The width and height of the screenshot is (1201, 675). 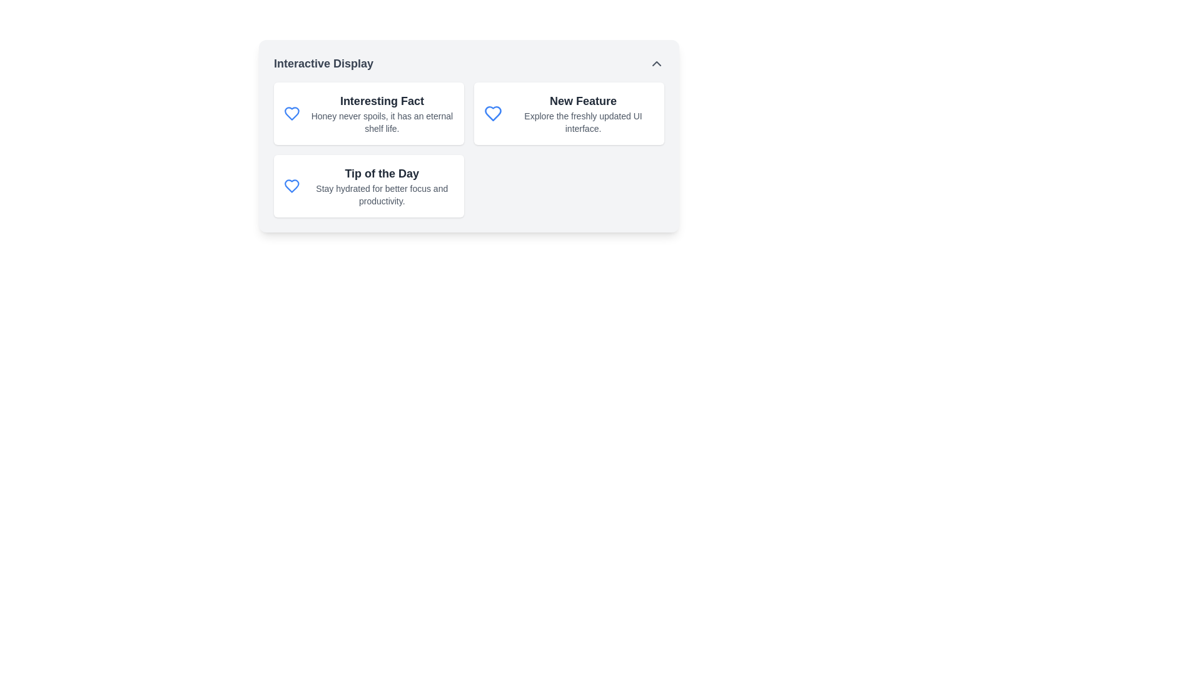 What do you see at coordinates (582, 122) in the screenshot?
I see `the descriptive text providing additional information about the 'New Feature', located in the right panel below the 'New Feature' text` at bounding box center [582, 122].